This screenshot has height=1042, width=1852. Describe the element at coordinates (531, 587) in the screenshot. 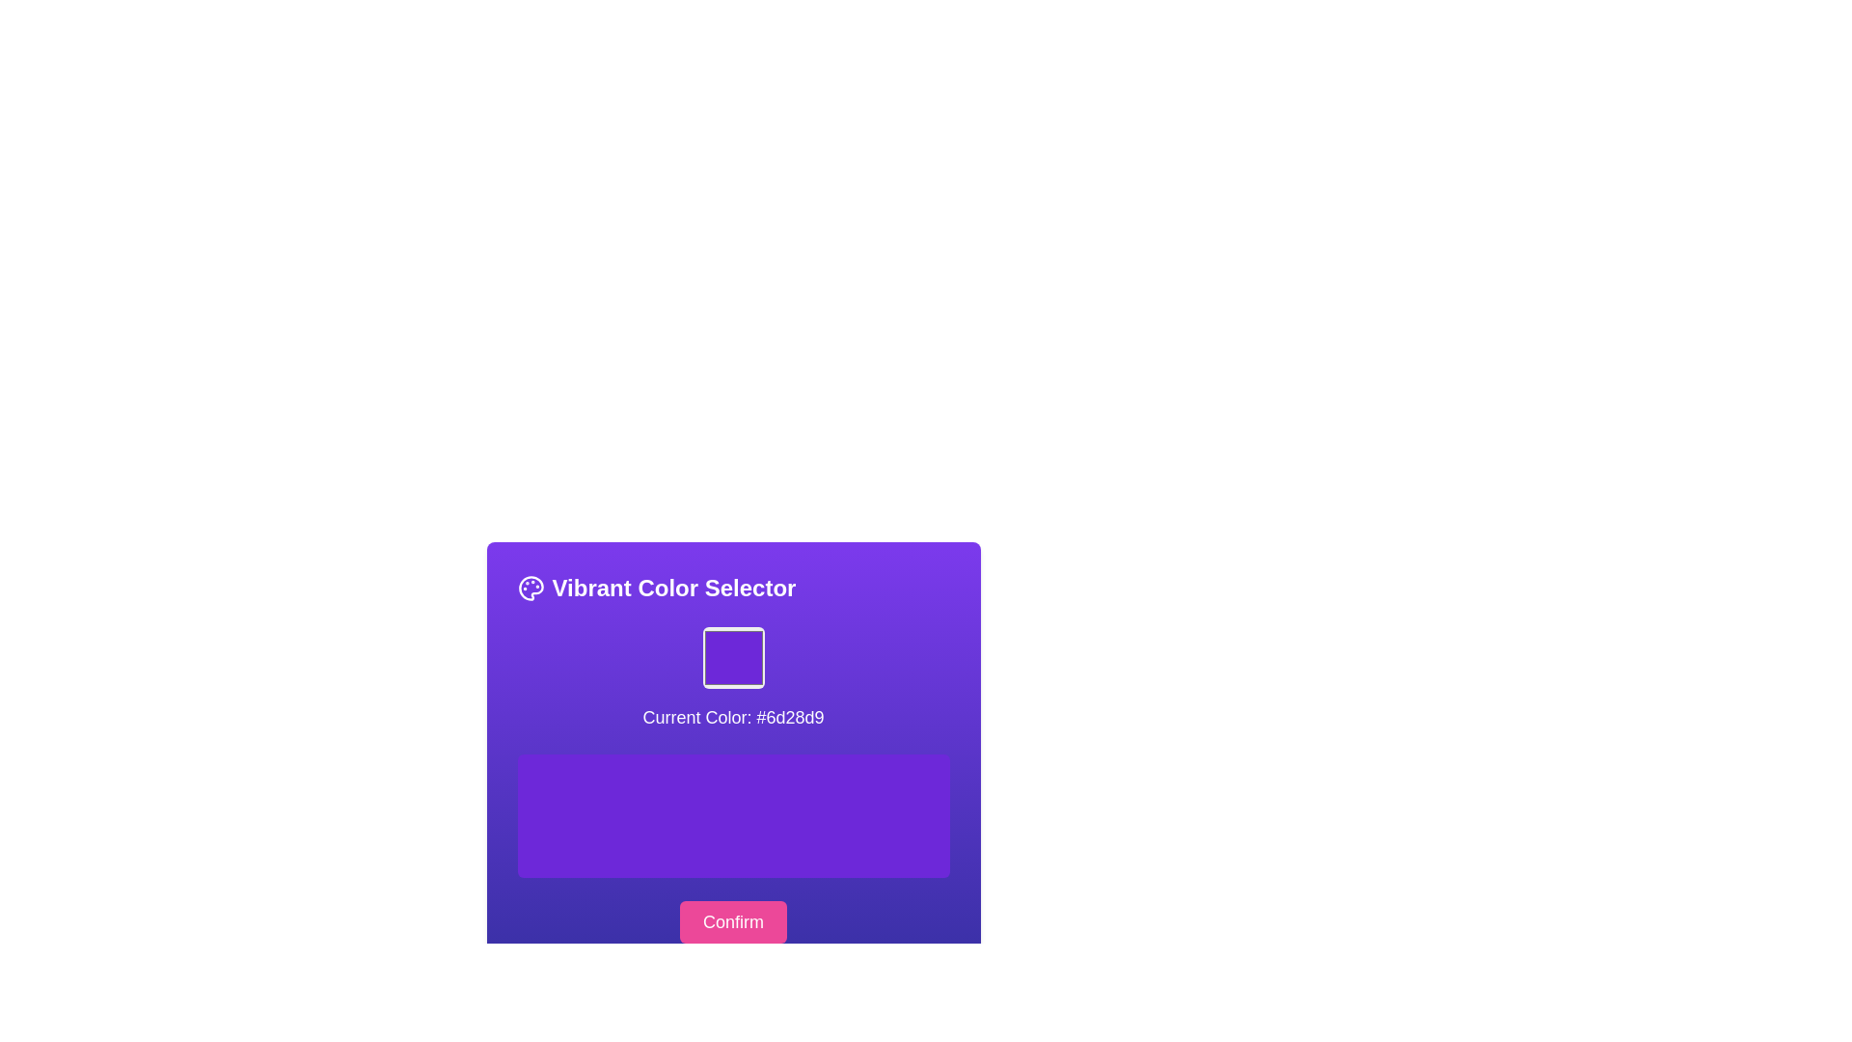

I see `the color selection icon located in the top left area of the 'Vibrant Color Selector' card's header section, next to the title` at that location.